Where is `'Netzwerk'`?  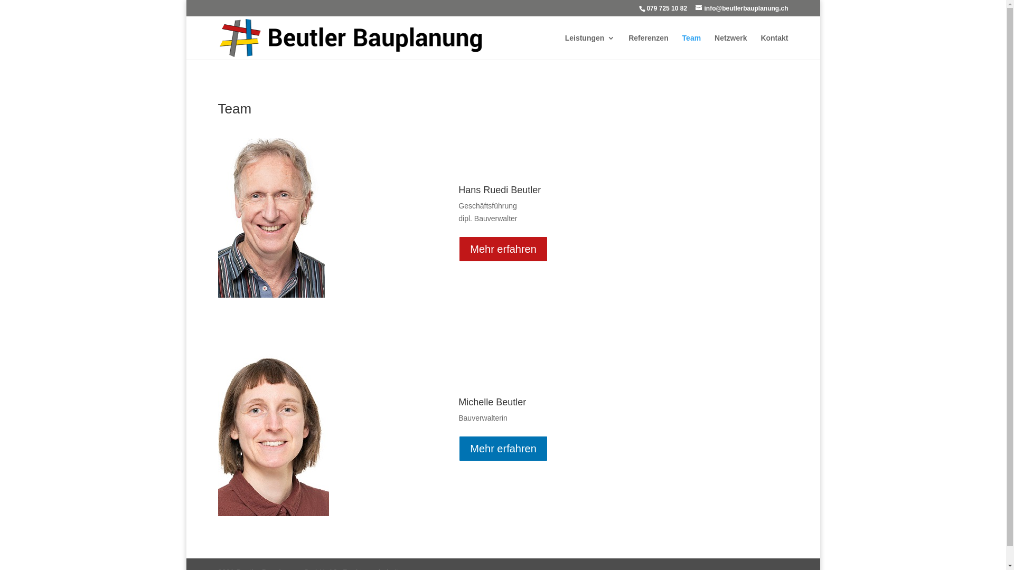
'Netzwerk' is located at coordinates (730, 46).